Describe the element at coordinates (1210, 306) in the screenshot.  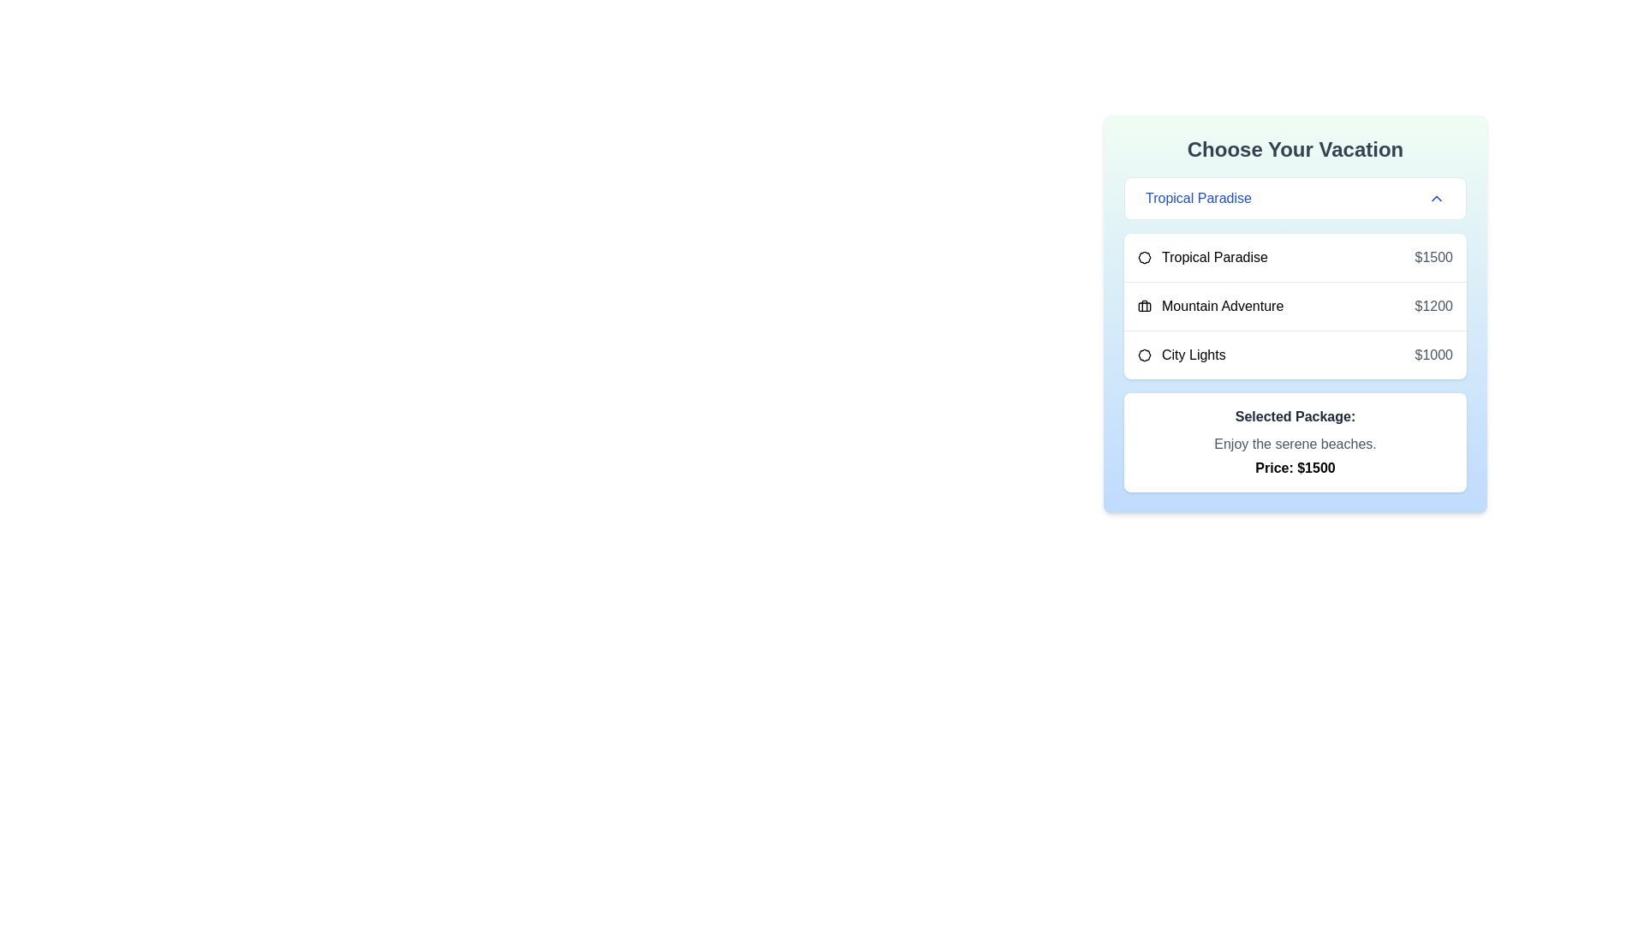
I see `the 'Mountain Adventure' package label, which is the second option in the vacation package selection list` at that location.